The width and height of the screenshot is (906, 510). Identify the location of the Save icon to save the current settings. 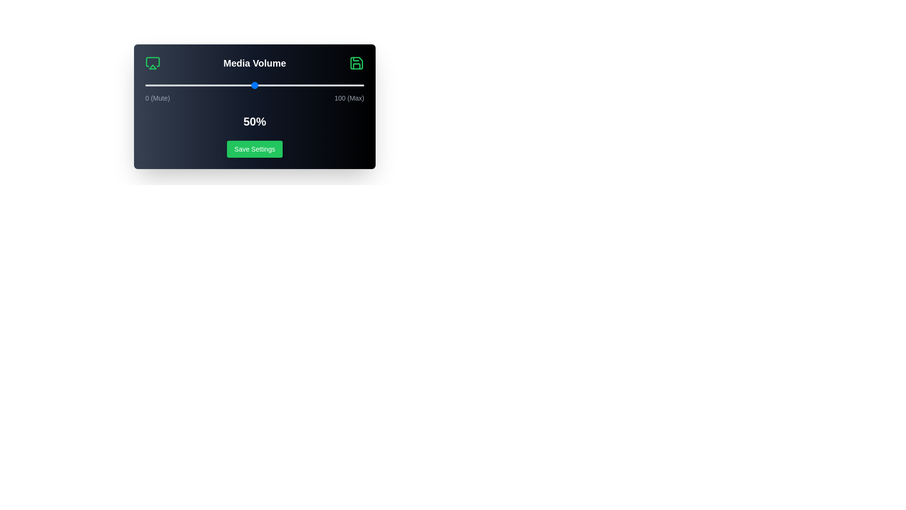
(356, 63).